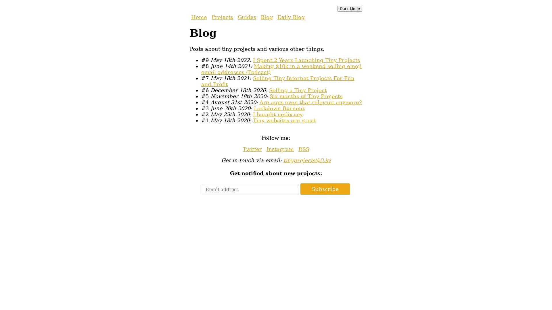  What do you see at coordinates (325, 189) in the screenshot?
I see `Subscribe` at bounding box center [325, 189].